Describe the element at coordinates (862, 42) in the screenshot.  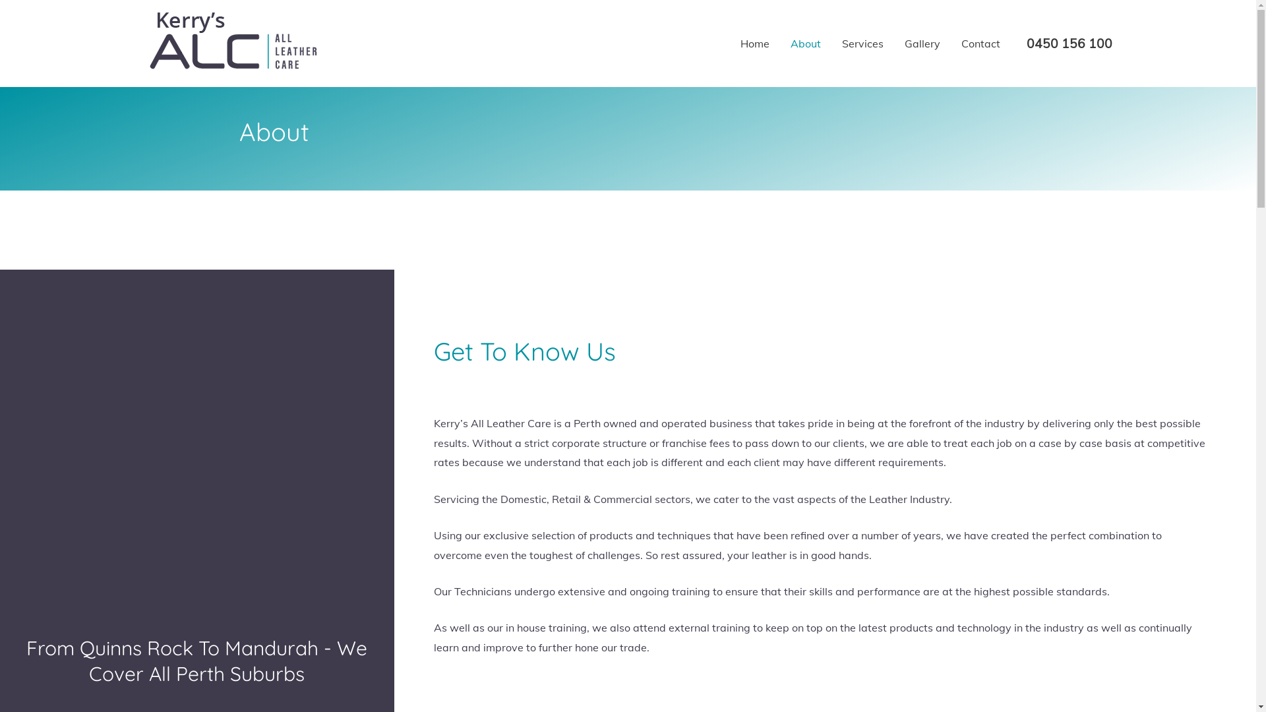
I see `'Services'` at that location.